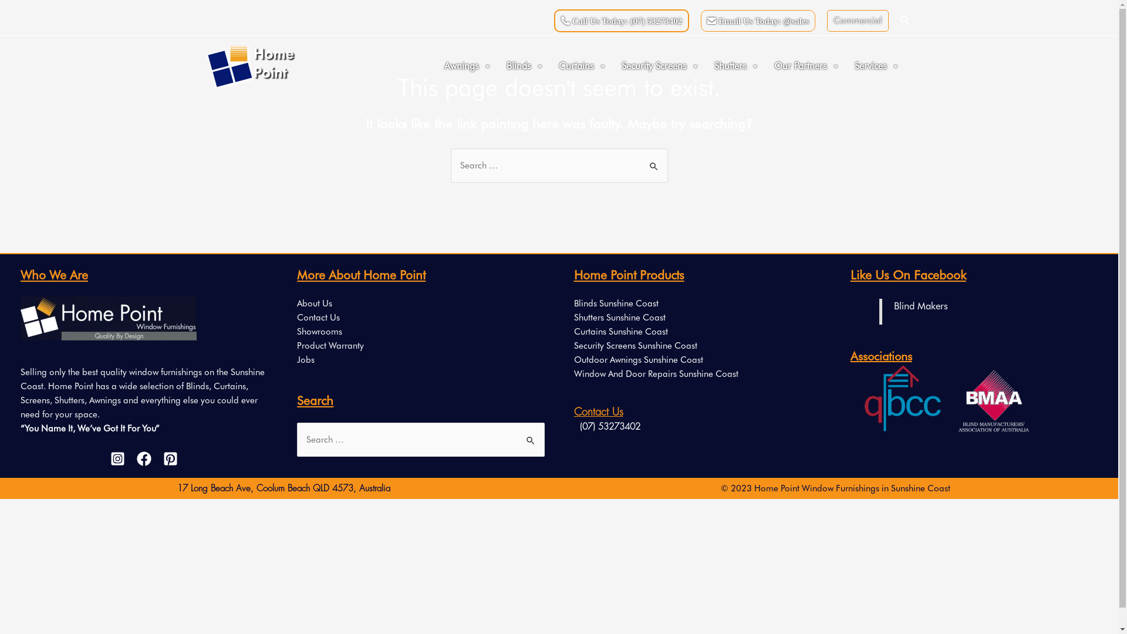  I want to click on 'Product Warranty', so click(329, 345).